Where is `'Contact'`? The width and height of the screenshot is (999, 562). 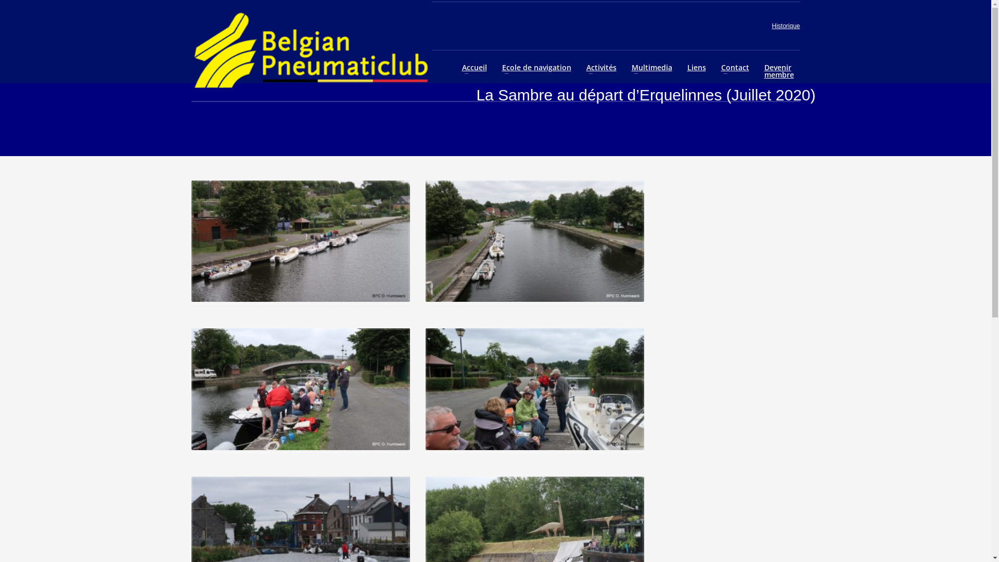
'Contact' is located at coordinates (734, 68).